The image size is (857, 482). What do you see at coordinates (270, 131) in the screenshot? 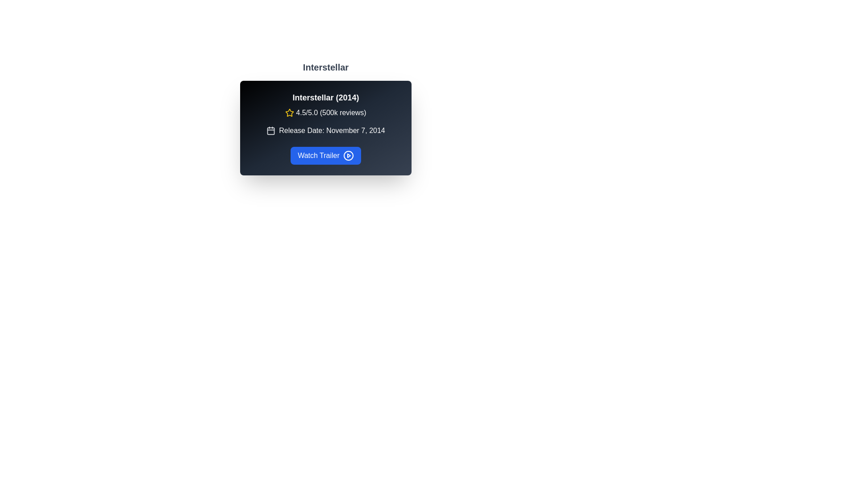
I see `the decorative background of the calendar icon, which is the main rectangular body located below the month indicators represented by two vertical lines` at bounding box center [270, 131].